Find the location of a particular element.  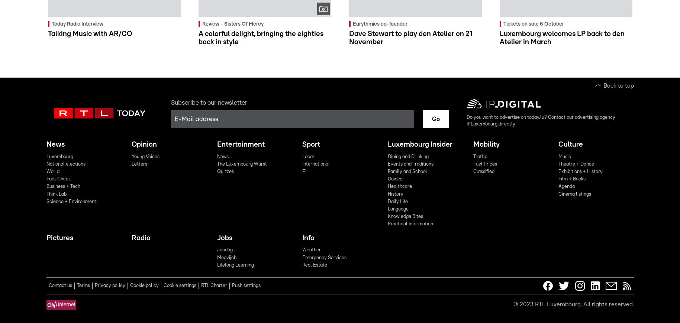

'Daily Life' is located at coordinates (397, 201).